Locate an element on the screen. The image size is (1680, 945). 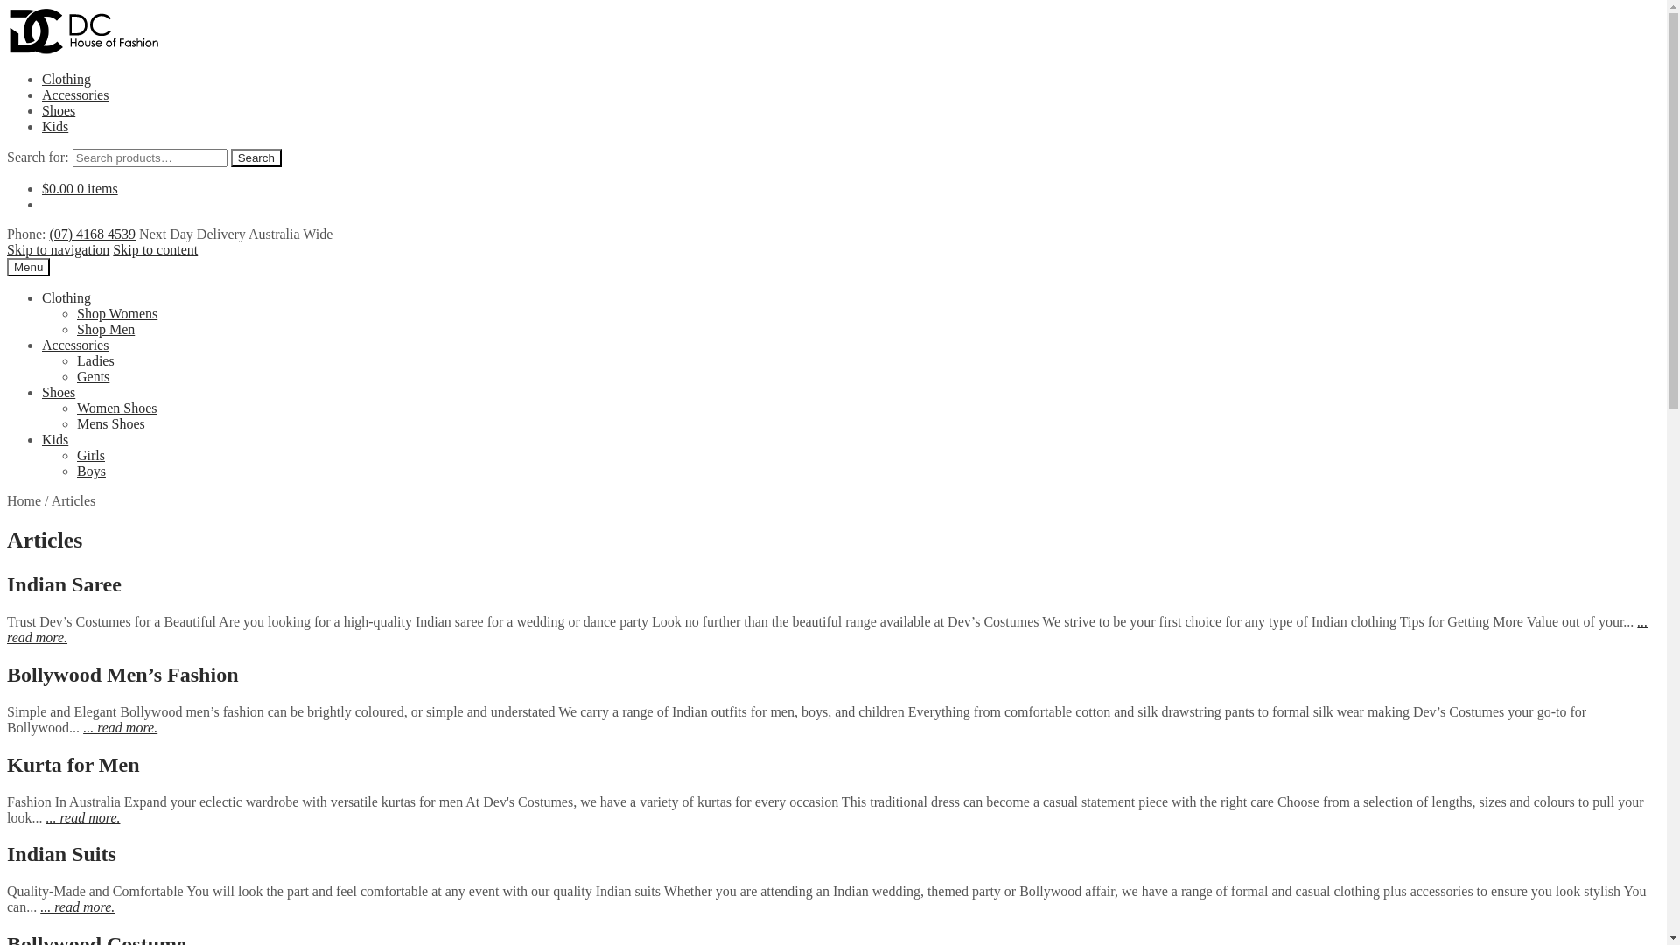
'Kids' is located at coordinates (54, 125).